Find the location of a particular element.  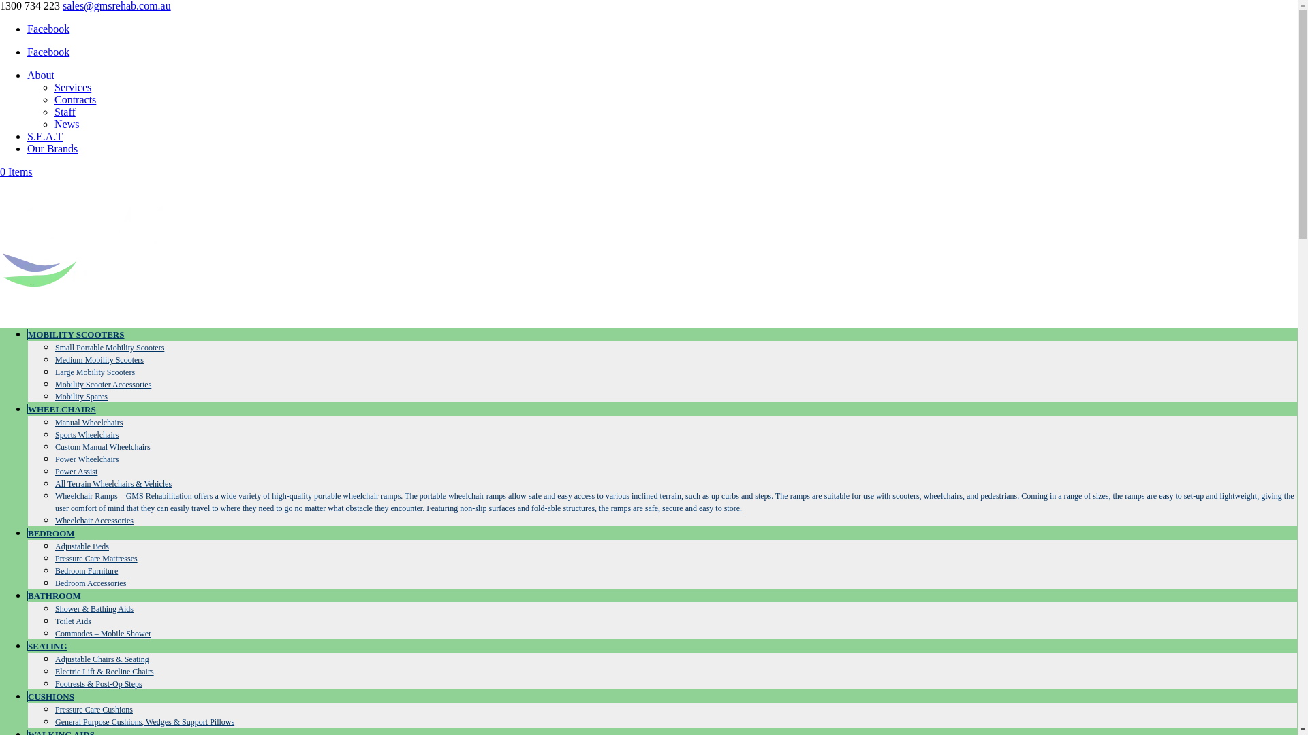

'Custom Manual Wheelchairs' is located at coordinates (102, 446).